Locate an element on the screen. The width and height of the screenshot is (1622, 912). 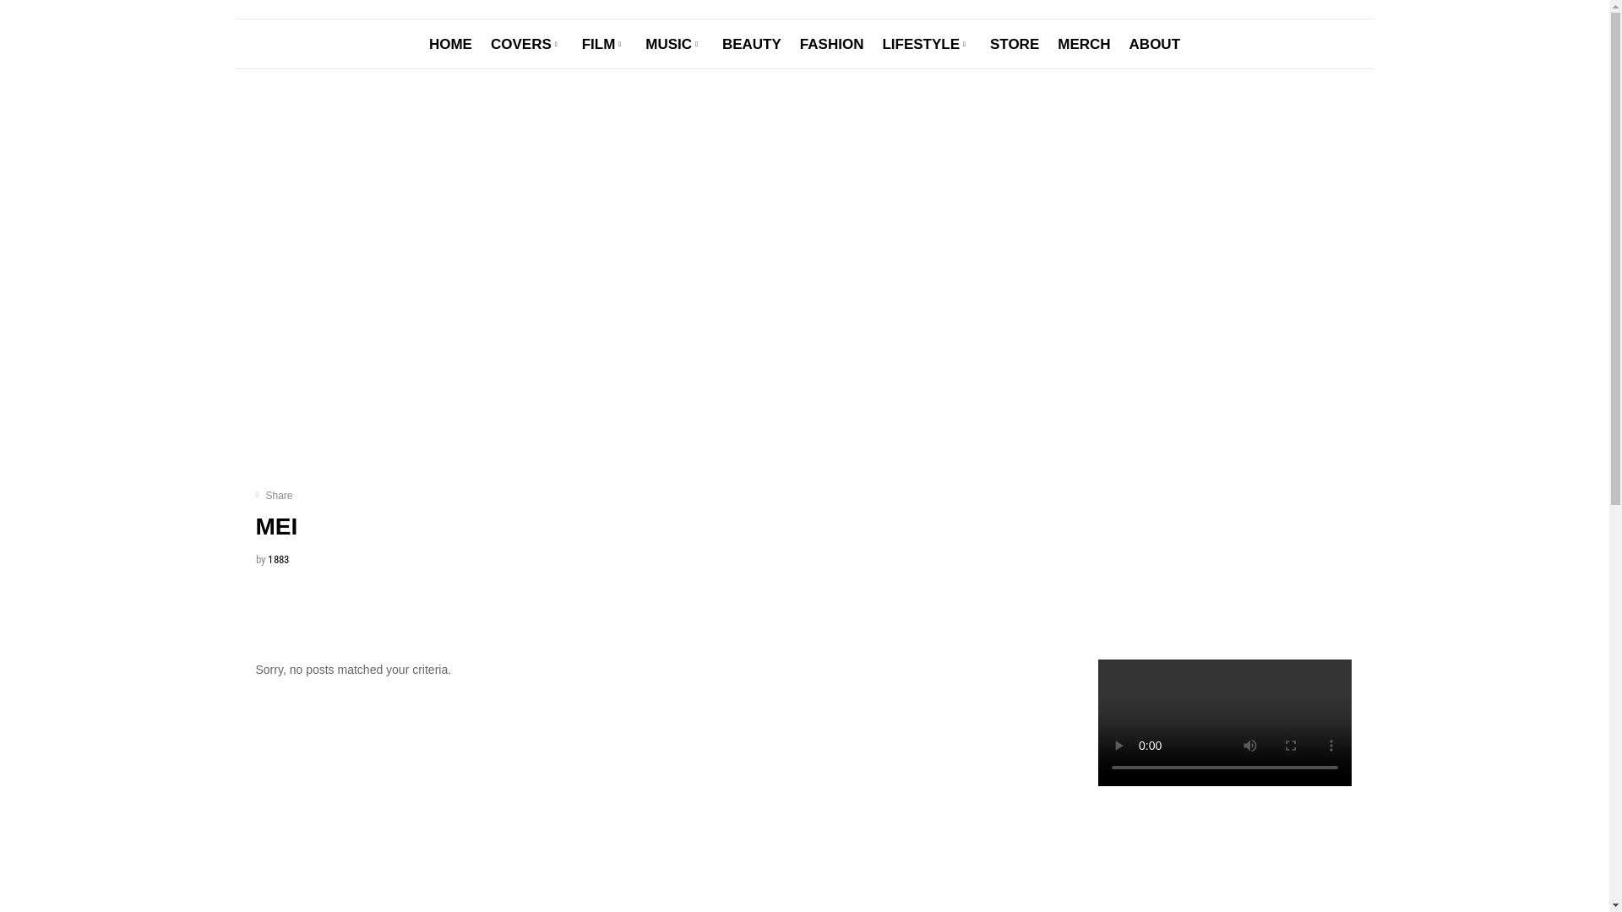
'FILM' is located at coordinates (604, 42).